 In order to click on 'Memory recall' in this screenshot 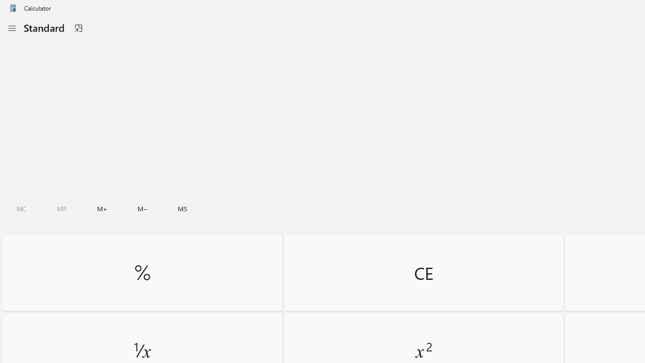, I will do `click(61, 208)`.